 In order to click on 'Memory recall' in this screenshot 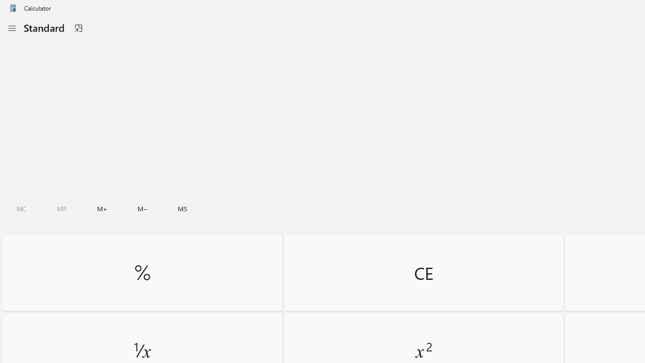, I will do `click(61, 208)`.